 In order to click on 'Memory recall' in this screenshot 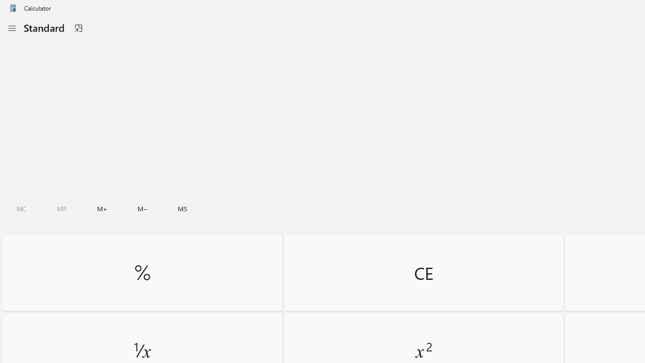, I will do `click(61, 208)`.